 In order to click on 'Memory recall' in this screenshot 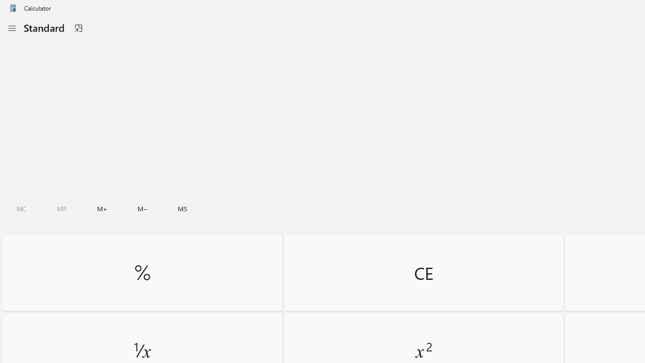, I will do `click(61, 208)`.